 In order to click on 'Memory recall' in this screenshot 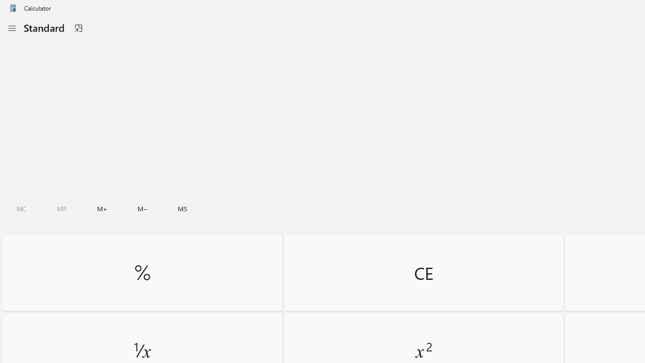, I will do `click(61, 208)`.